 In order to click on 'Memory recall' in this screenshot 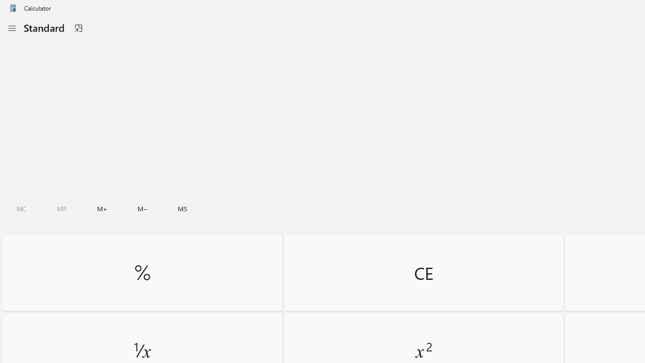, I will do `click(61, 208)`.